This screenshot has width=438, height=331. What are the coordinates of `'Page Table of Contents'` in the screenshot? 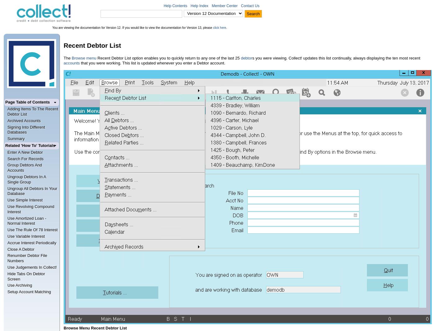 It's located at (27, 102).